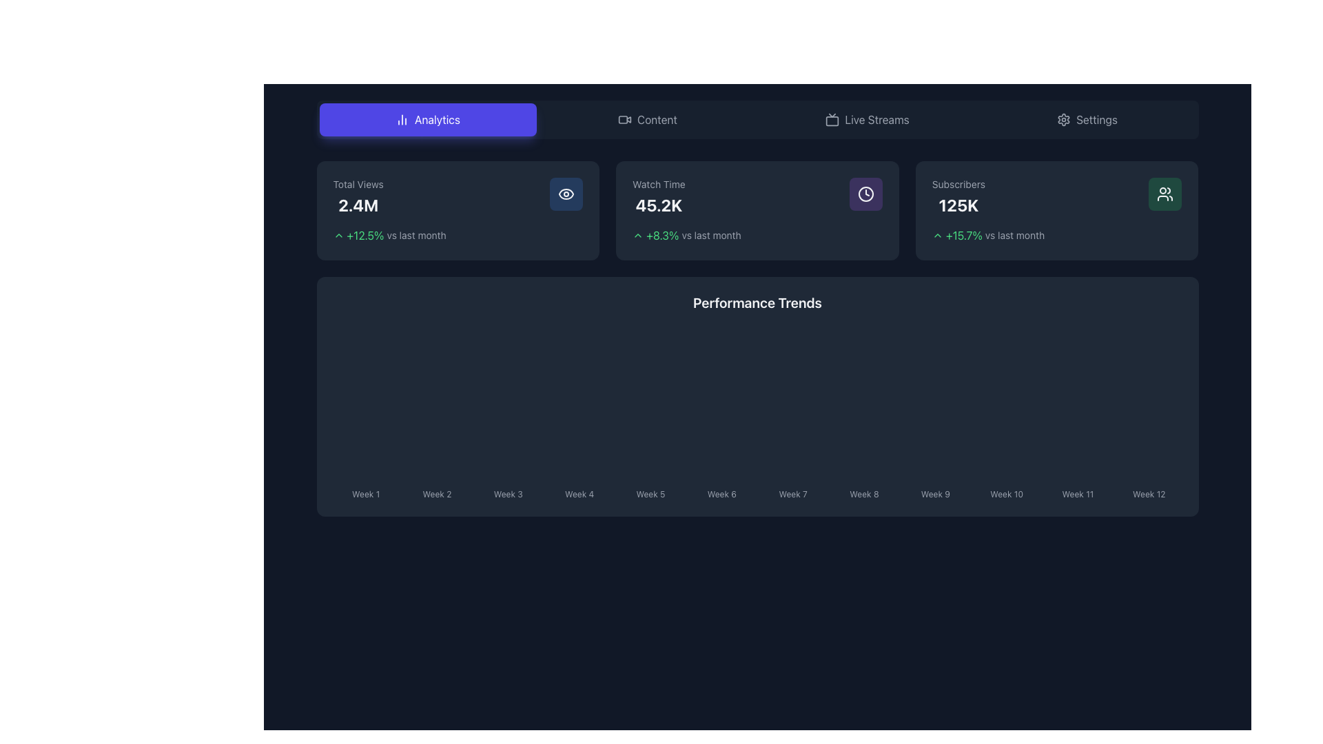 The width and height of the screenshot is (1323, 744). Describe the element at coordinates (436, 118) in the screenshot. I see `the 'Analytics' button, which is a blue-purple rectangular button with a white text label` at that location.